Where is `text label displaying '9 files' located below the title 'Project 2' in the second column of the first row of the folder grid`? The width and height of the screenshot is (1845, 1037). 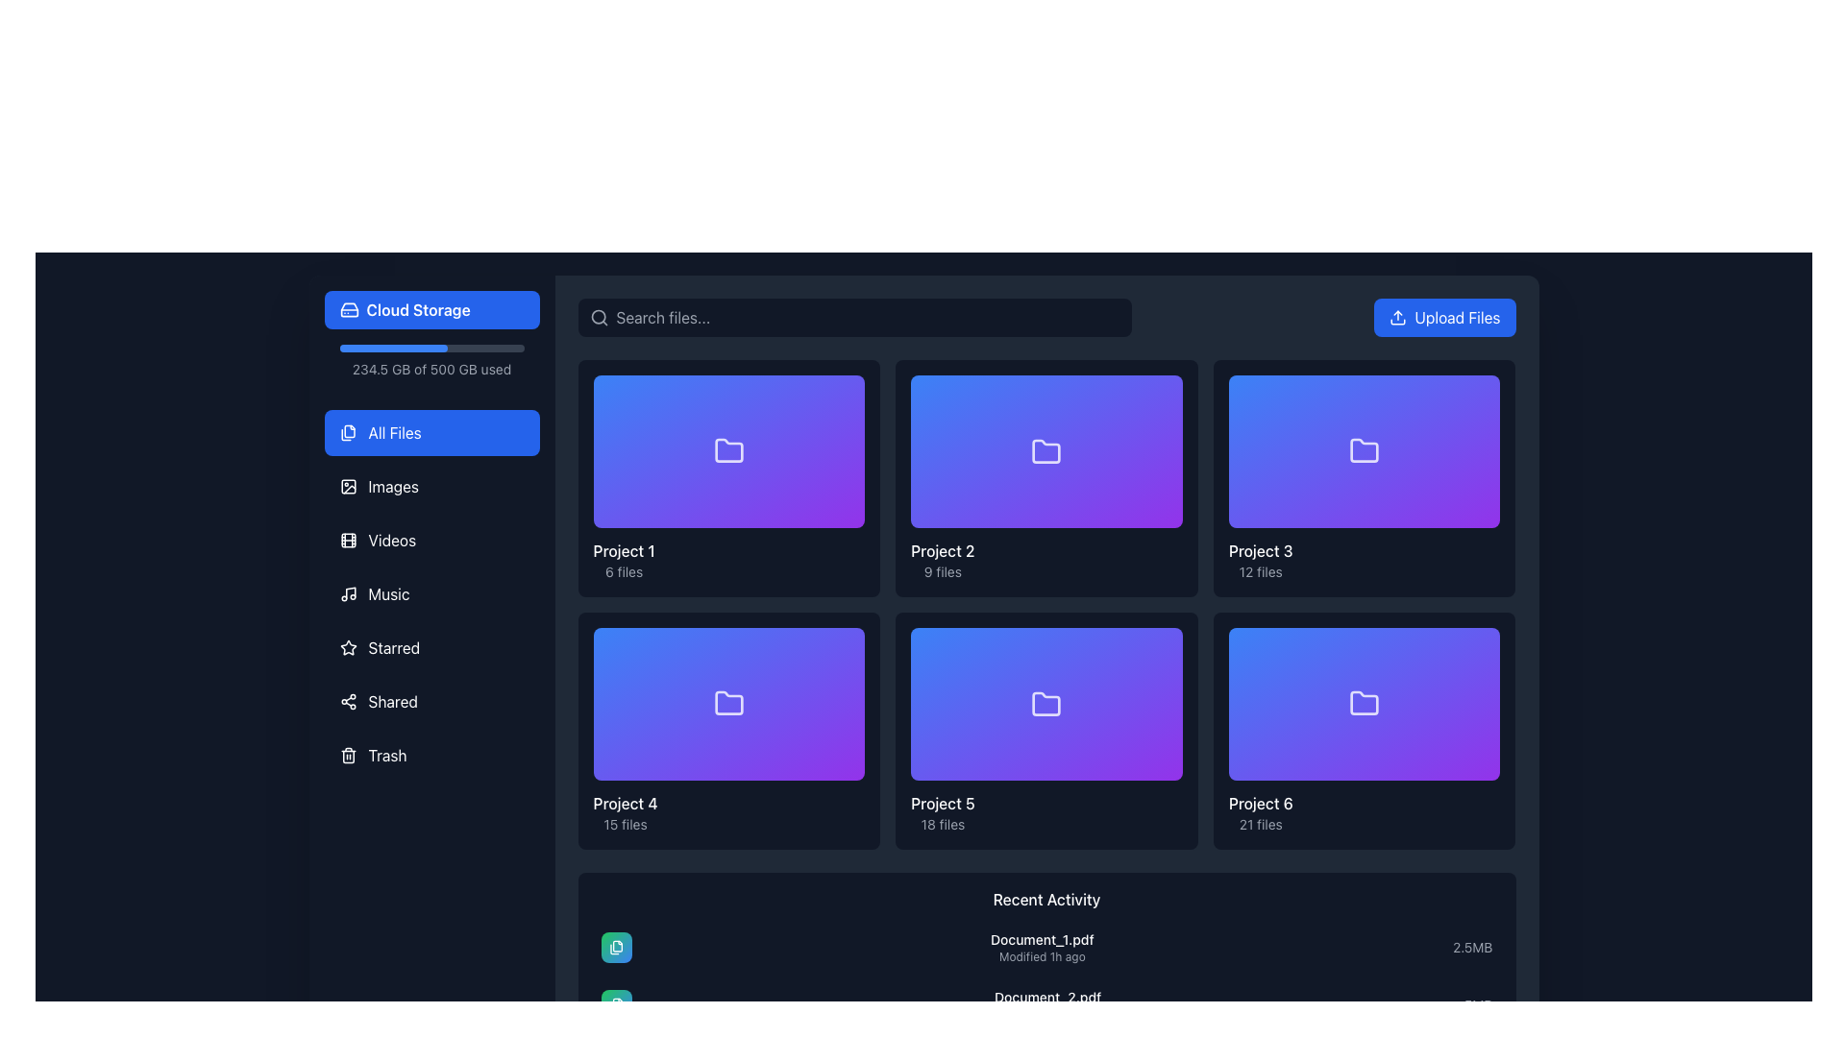 text label displaying '9 files' located below the title 'Project 2' in the second column of the first row of the folder grid is located at coordinates (943, 571).